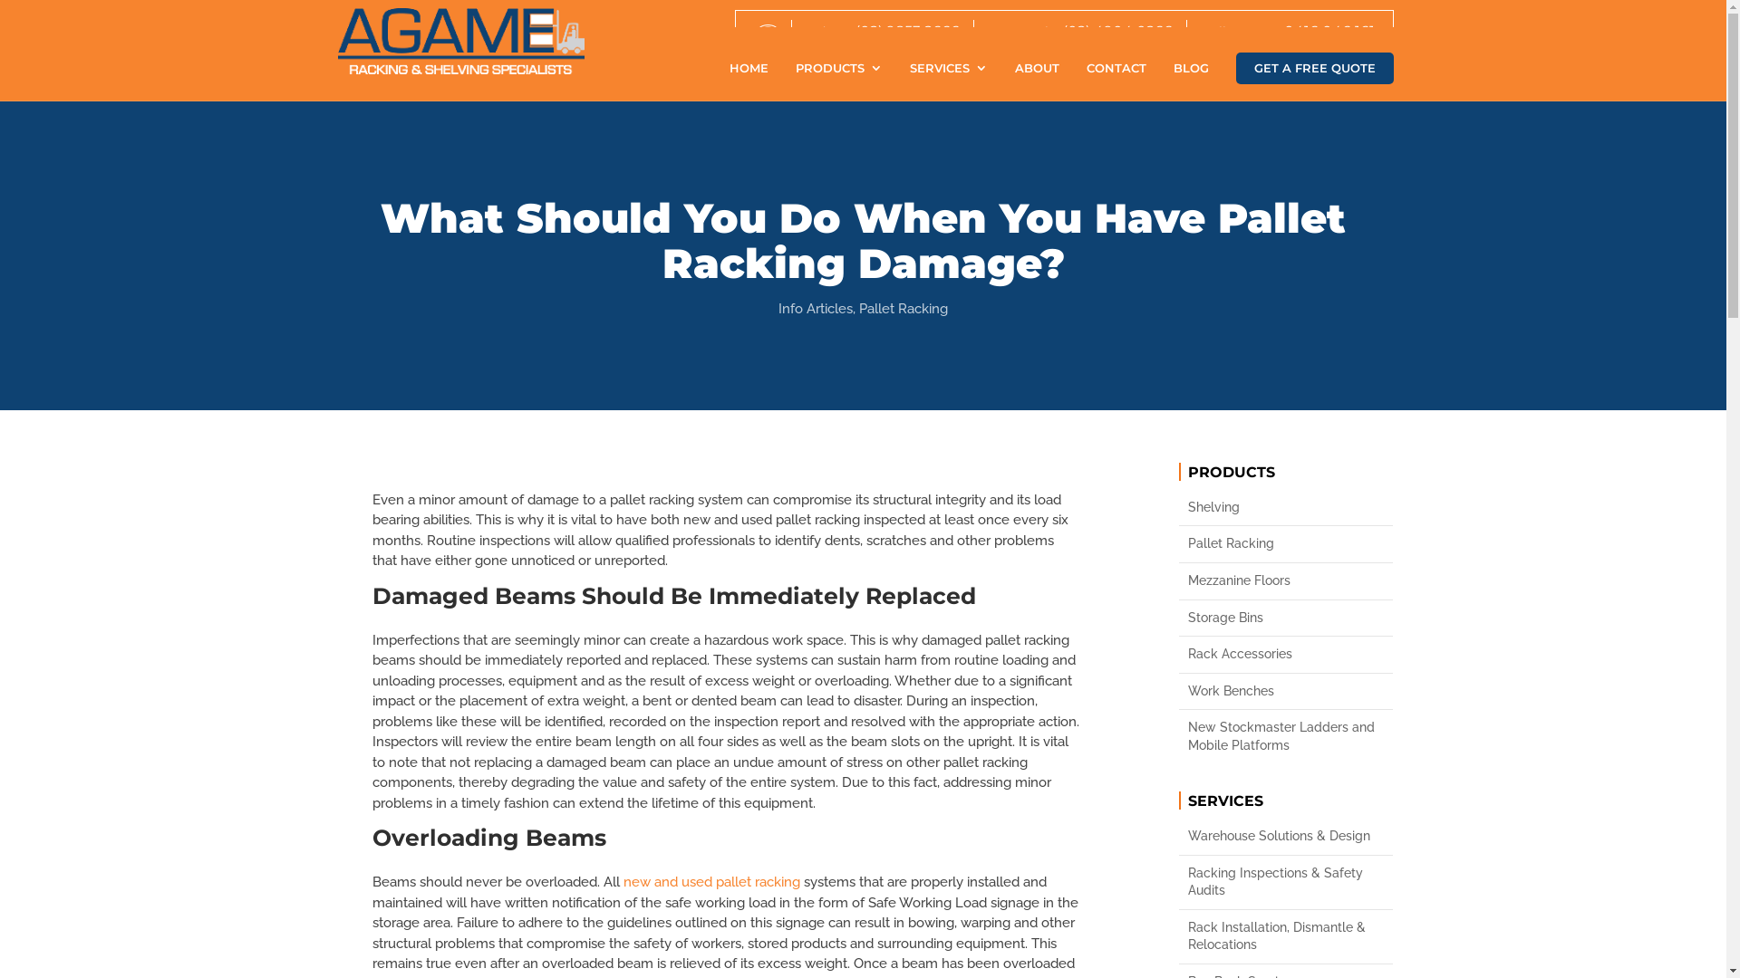 The height and width of the screenshot is (978, 1740). I want to click on 'Work Benches', so click(1285, 691).